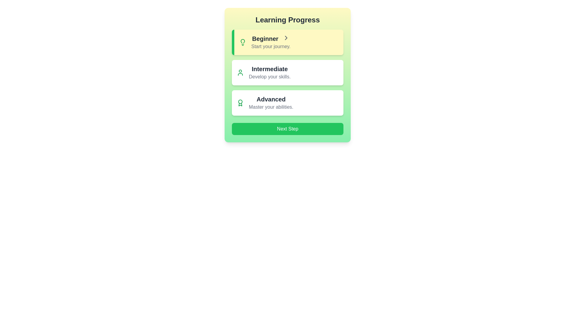  I want to click on the motivational text encouraging users, so click(270, 46).